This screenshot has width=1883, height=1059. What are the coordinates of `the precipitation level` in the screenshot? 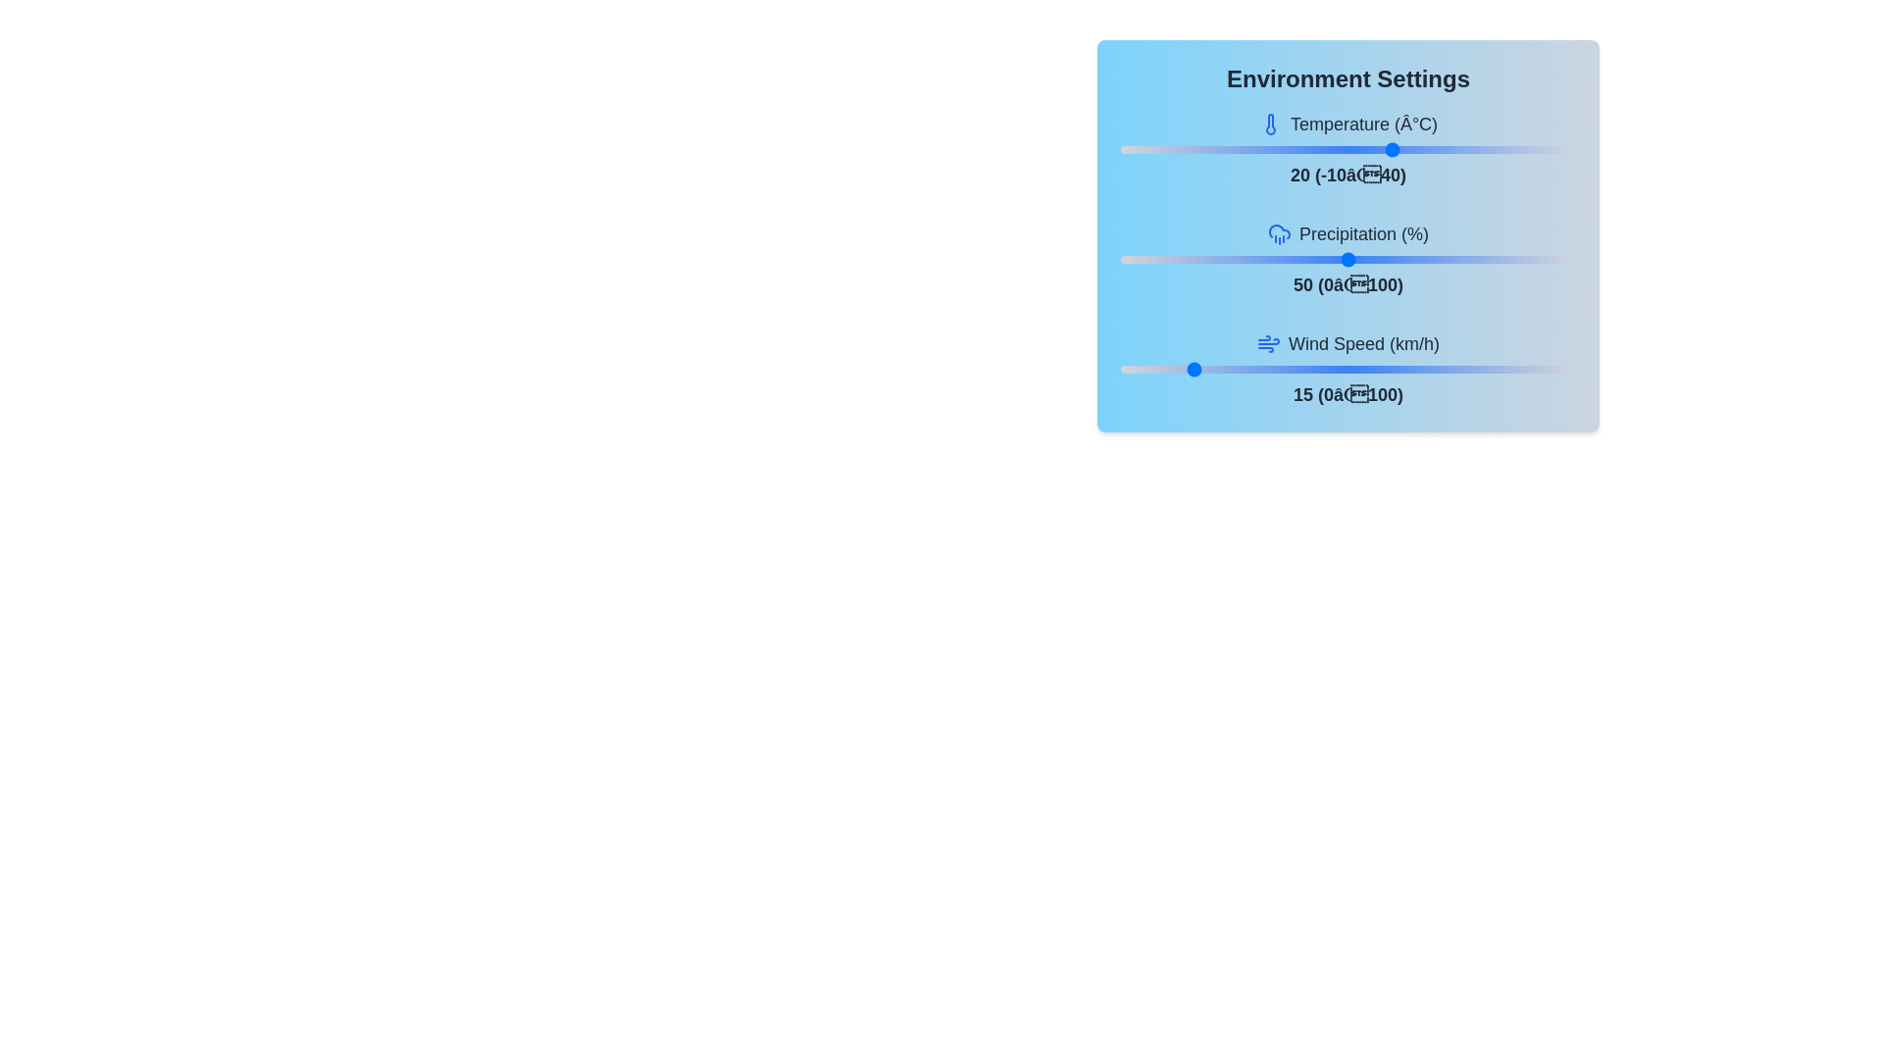 It's located at (1561, 259).